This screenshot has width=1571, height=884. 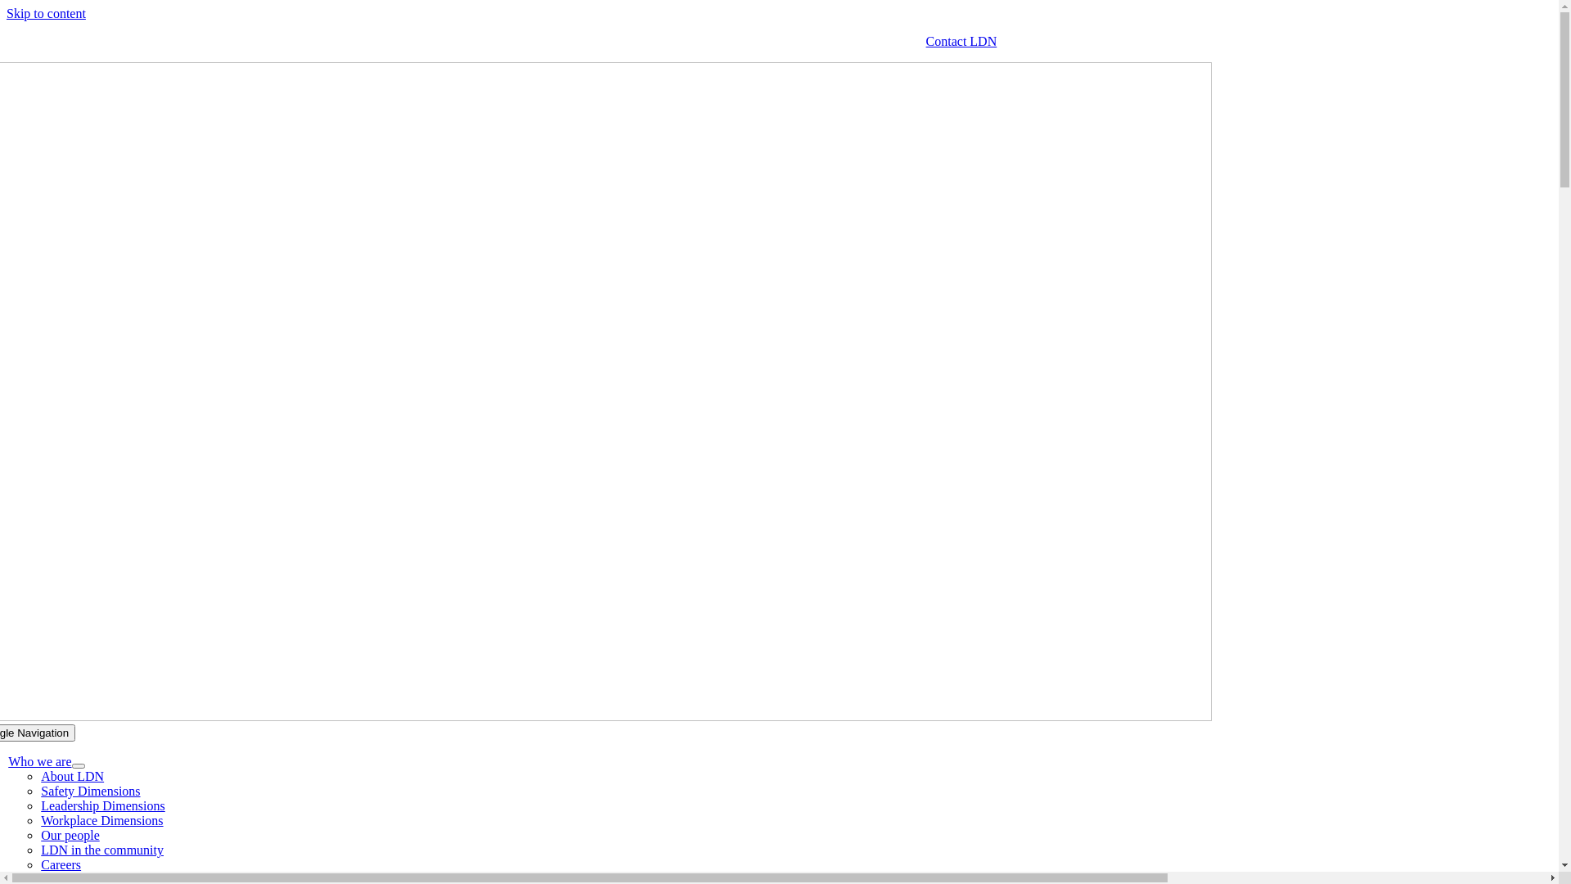 I want to click on 'Skip to content', so click(x=46, y=13).